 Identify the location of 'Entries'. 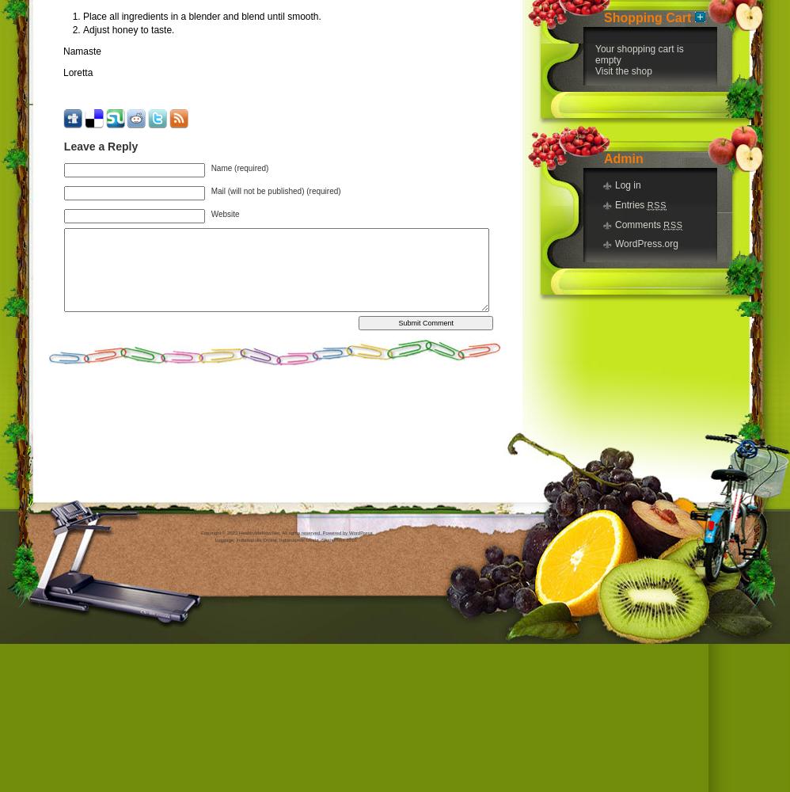
(630, 204).